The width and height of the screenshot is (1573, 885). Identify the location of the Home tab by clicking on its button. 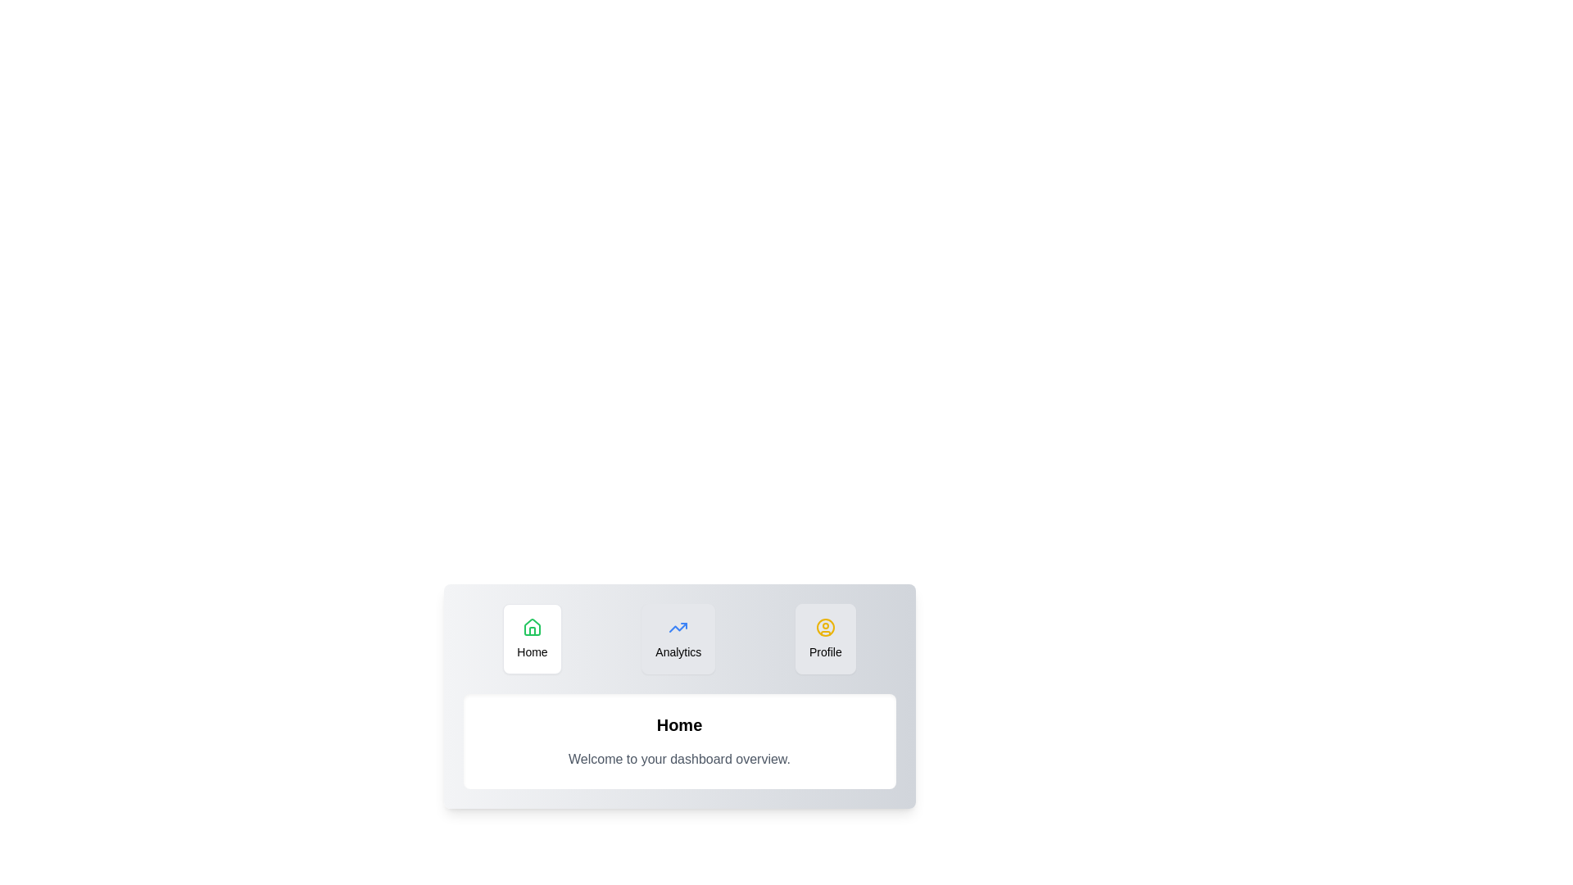
(532, 638).